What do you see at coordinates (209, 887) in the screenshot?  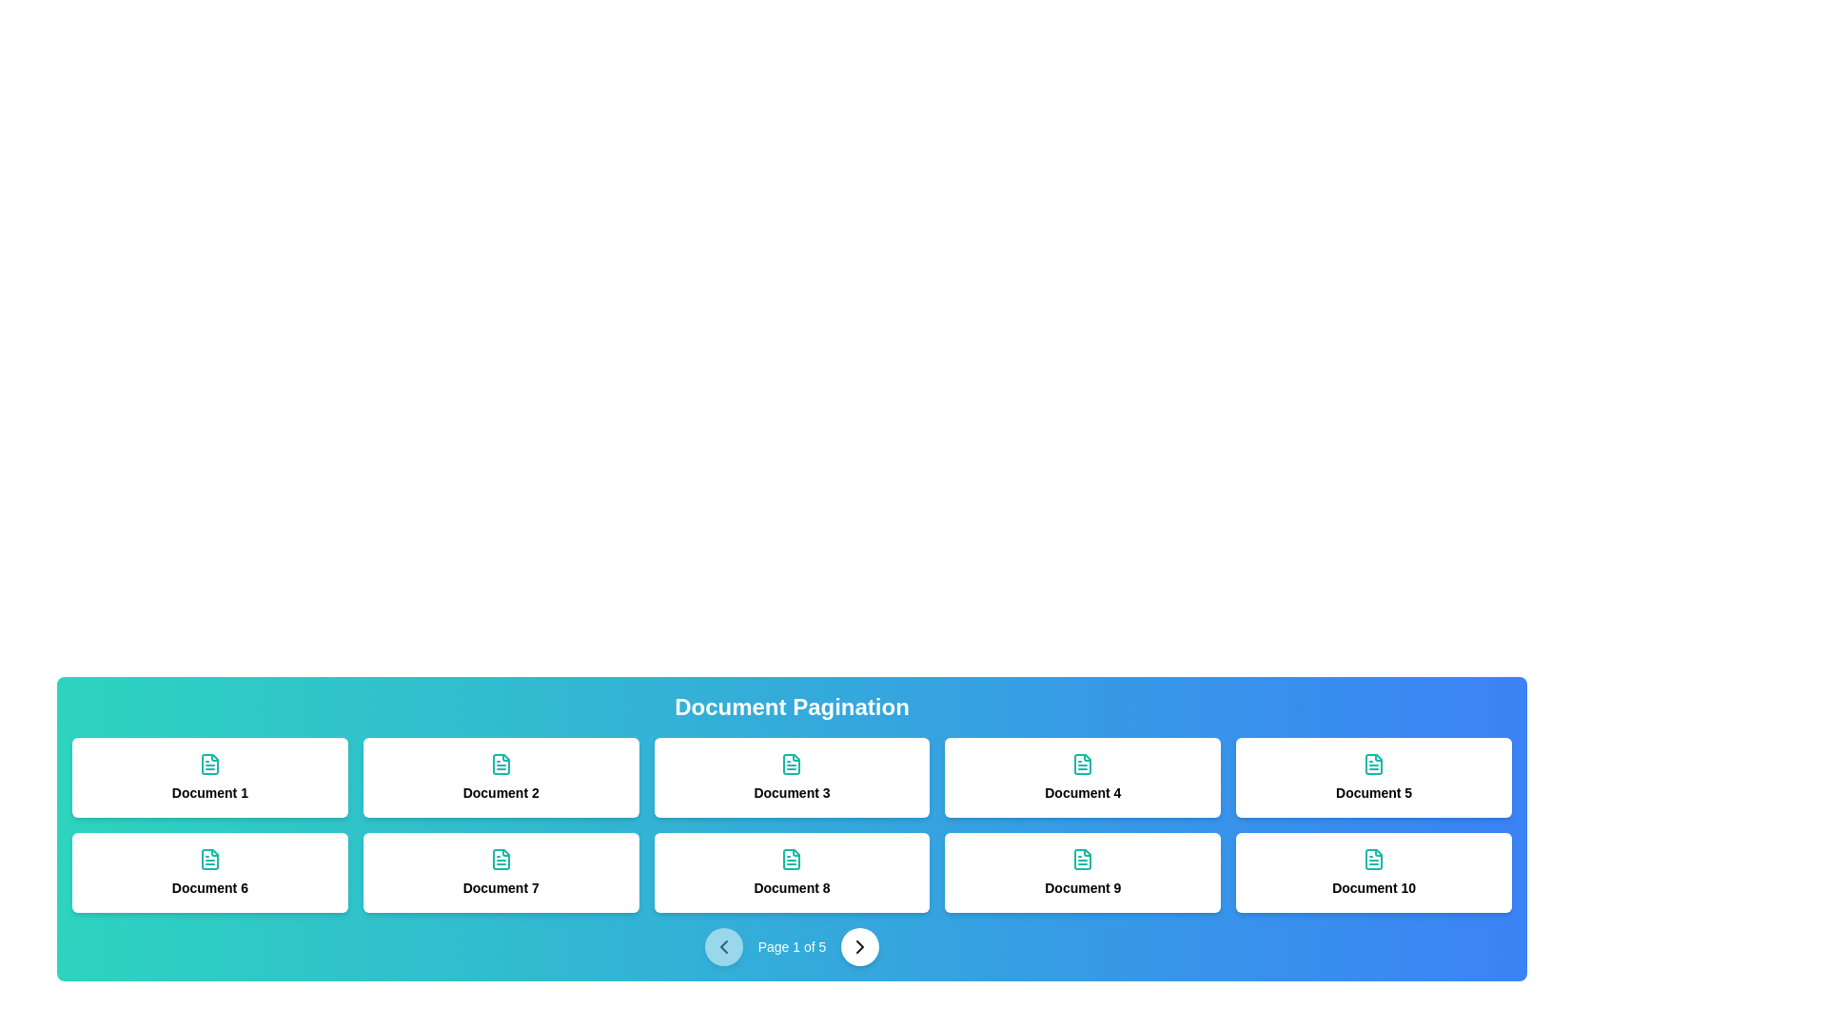 I see `the Text Label that serves as a title for the document, located in the second row, second column of the grid layout, directly below the document icon` at bounding box center [209, 887].